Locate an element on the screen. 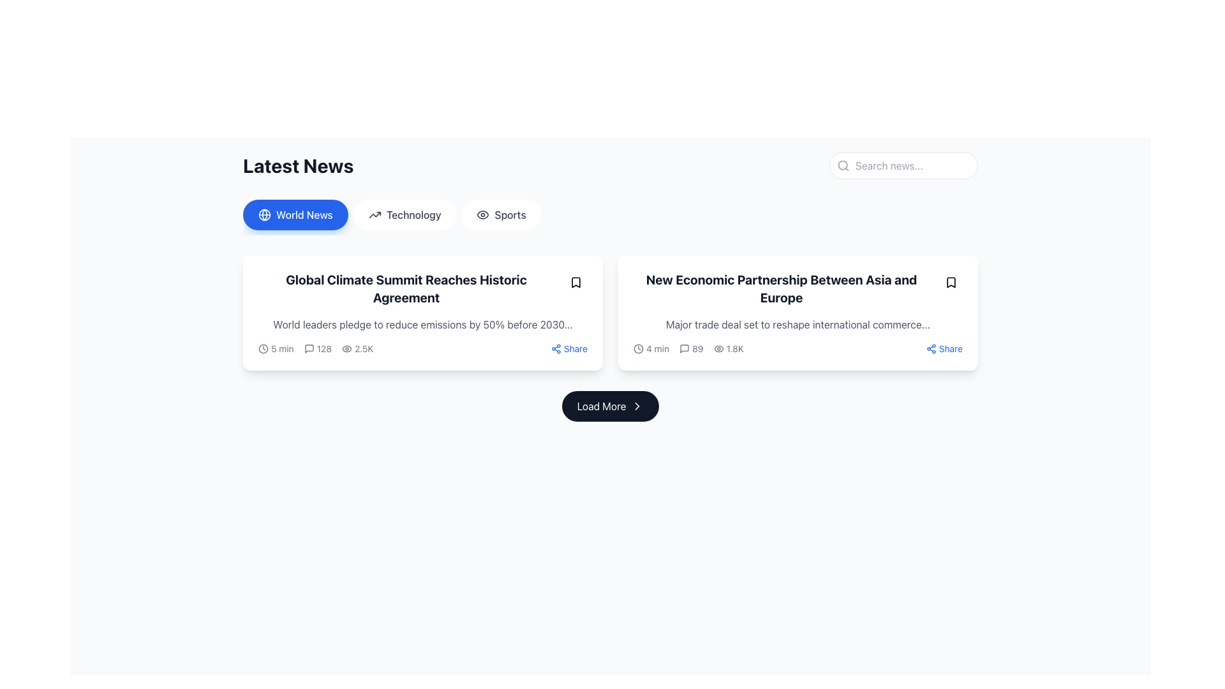  the static text display that provides a summary for the news article titled 'New Economic Partnership Between Asia and Europe', located within the right card below the heading is located at coordinates (798, 324).